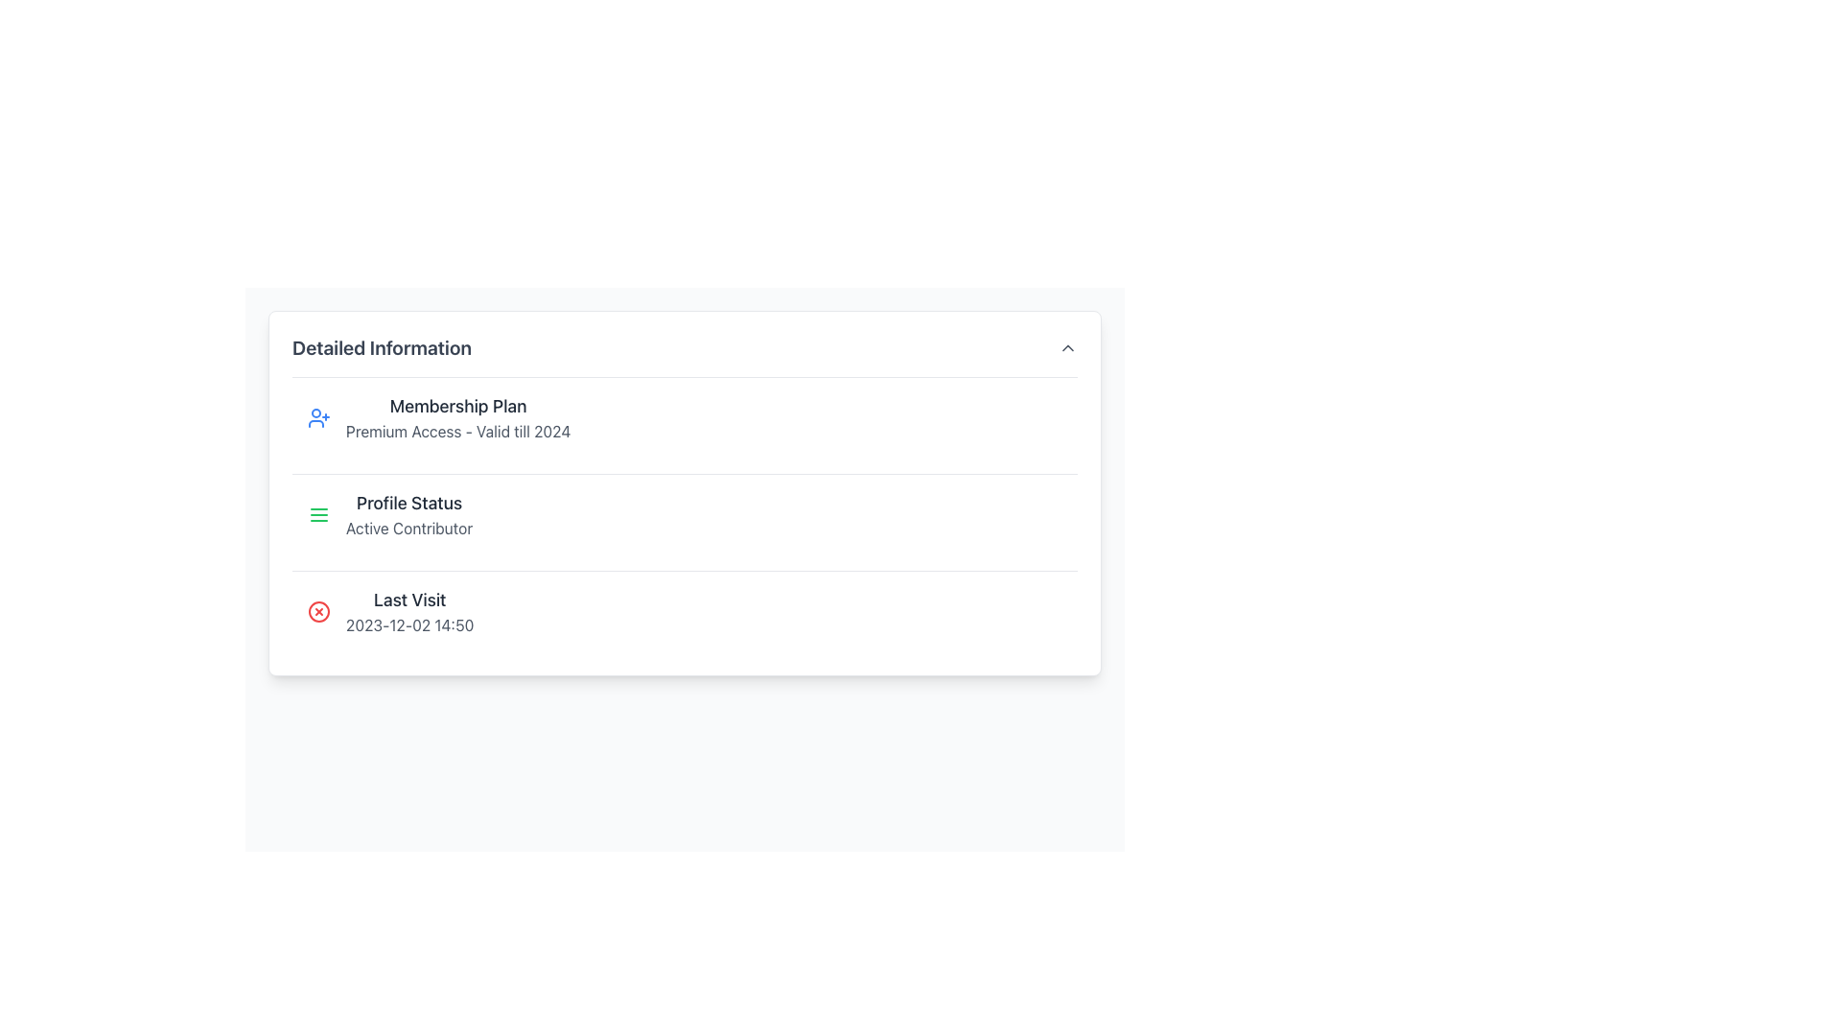 The width and height of the screenshot is (1841, 1036). I want to click on the text content element displaying 'Premium Access - Valid till 2024' located under 'Membership Plan' in the 'Detailed Information' section, so click(457, 432).